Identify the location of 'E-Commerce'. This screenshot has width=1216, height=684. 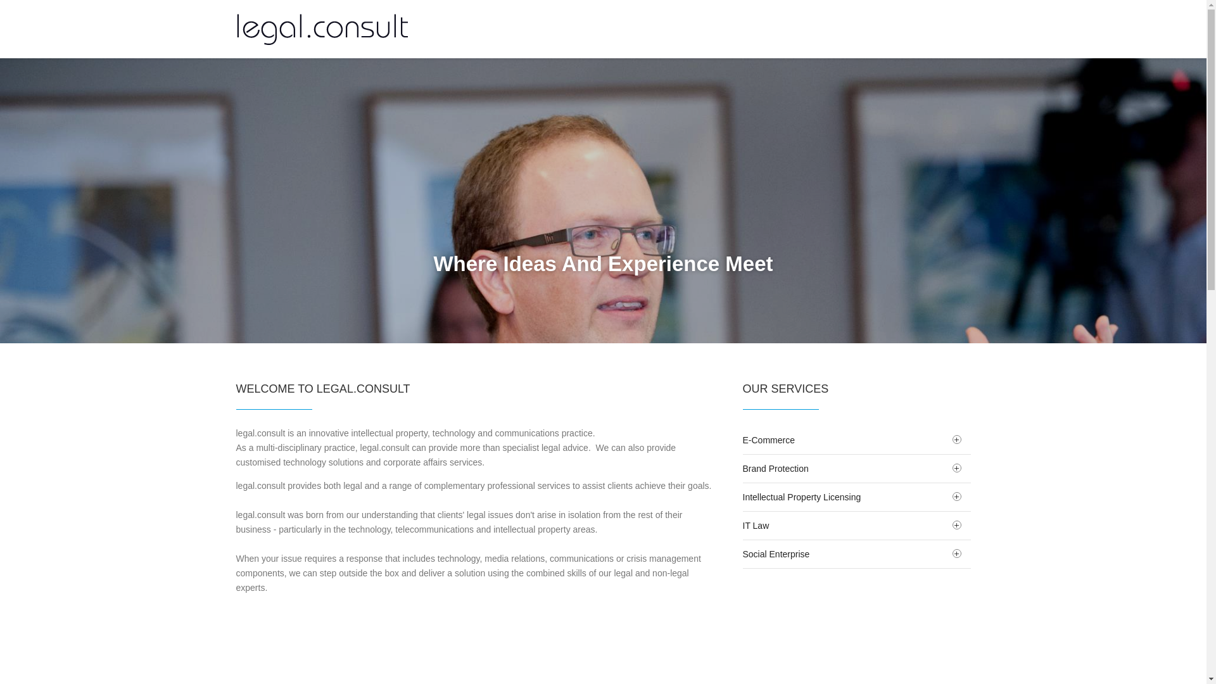
(856, 439).